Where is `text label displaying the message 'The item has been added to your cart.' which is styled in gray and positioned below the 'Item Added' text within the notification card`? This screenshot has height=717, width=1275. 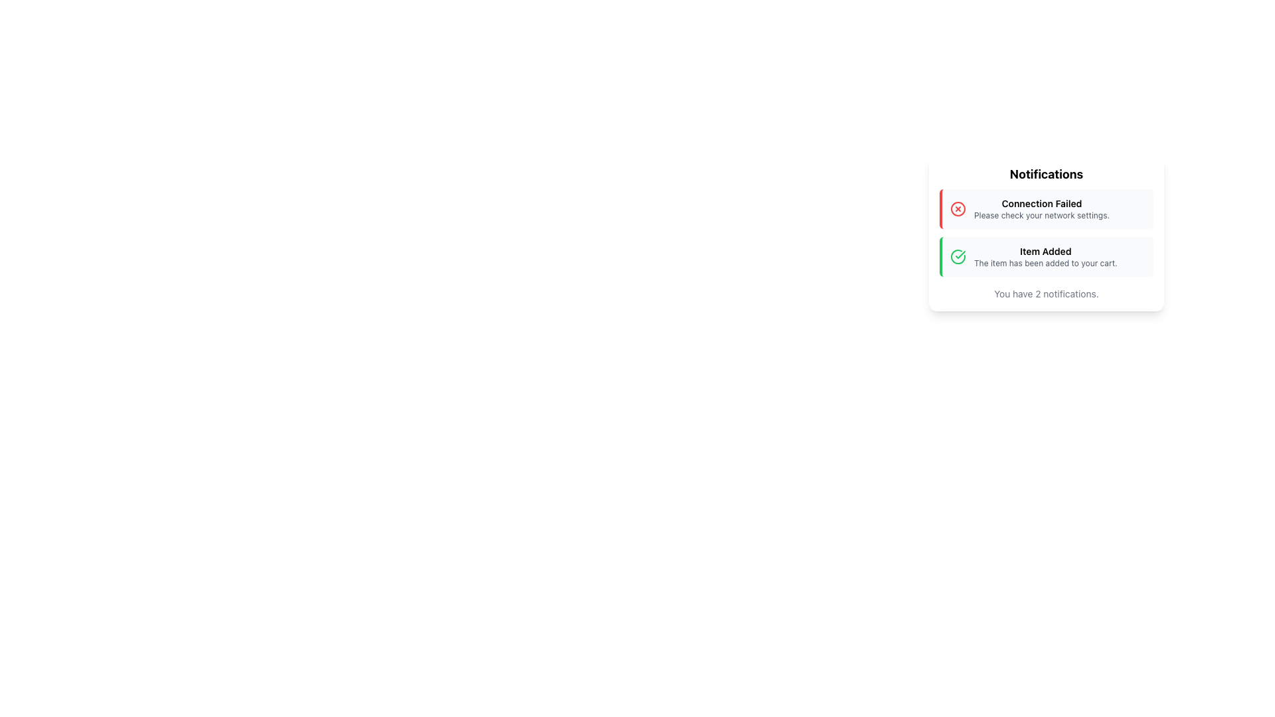
text label displaying the message 'The item has been added to your cart.' which is styled in gray and positioned below the 'Item Added' text within the notification card is located at coordinates (1045, 264).